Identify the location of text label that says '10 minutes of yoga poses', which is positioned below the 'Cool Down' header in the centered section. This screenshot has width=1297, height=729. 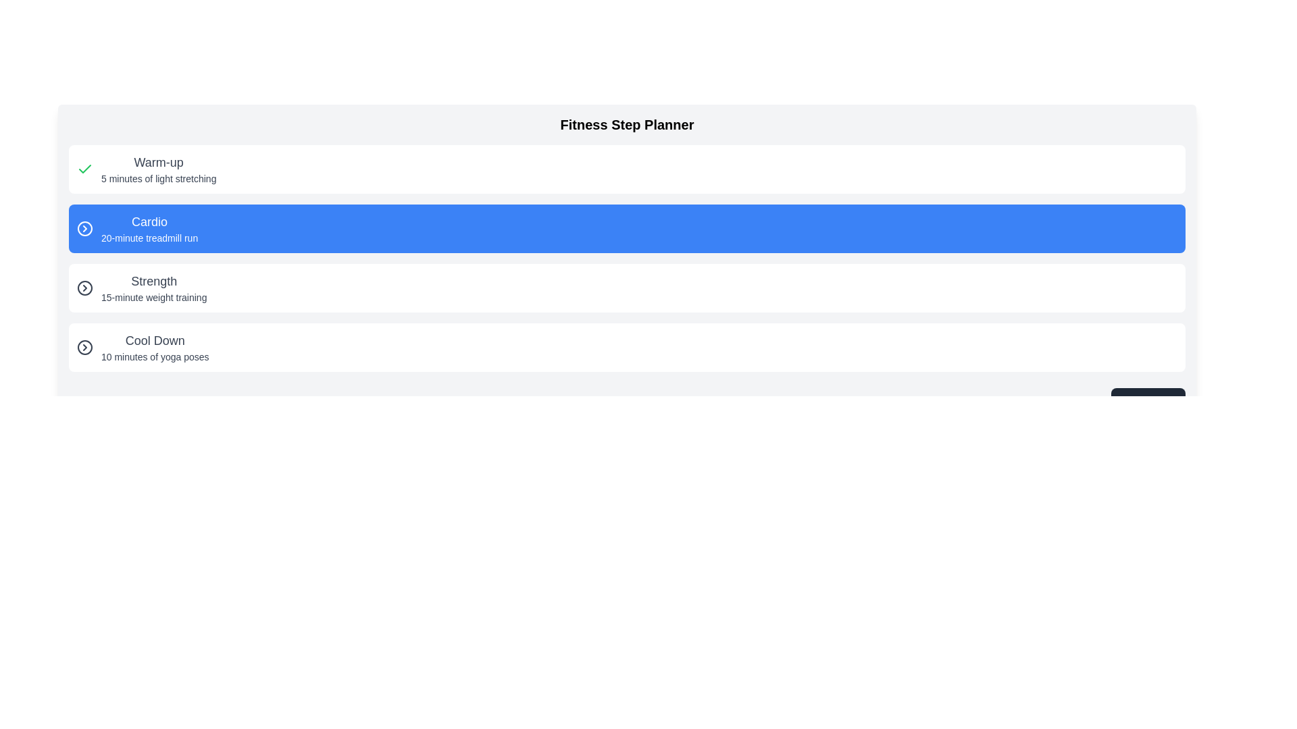
(155, 356).